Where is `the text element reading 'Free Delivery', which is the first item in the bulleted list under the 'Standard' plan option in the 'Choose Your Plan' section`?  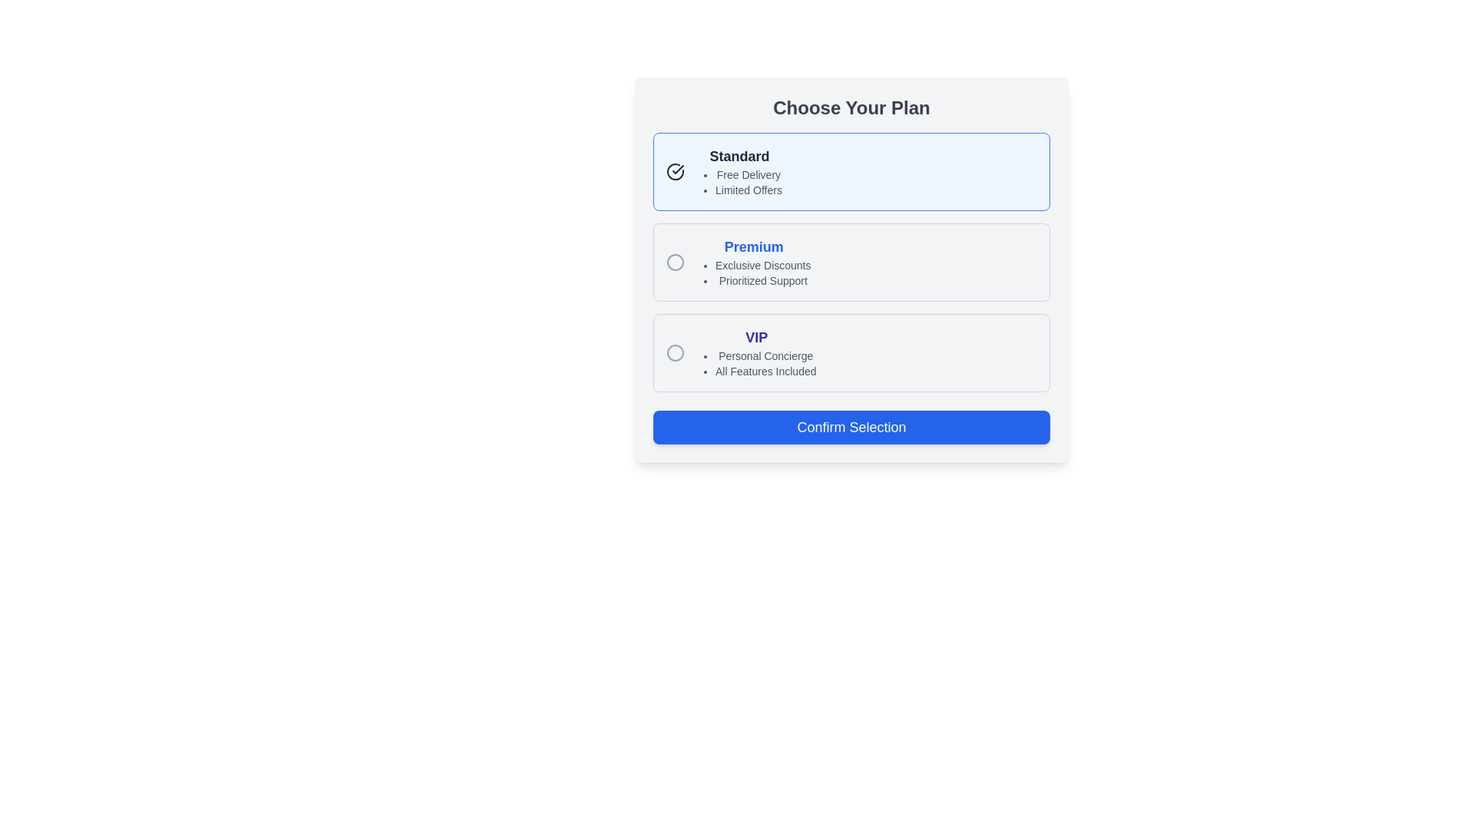 the text element reading 'Free Delivery', which is the first item in the bulleted list under the 'Standard' plan option in the 'Choose Your Plan' section is located at coordinates (749, 173).